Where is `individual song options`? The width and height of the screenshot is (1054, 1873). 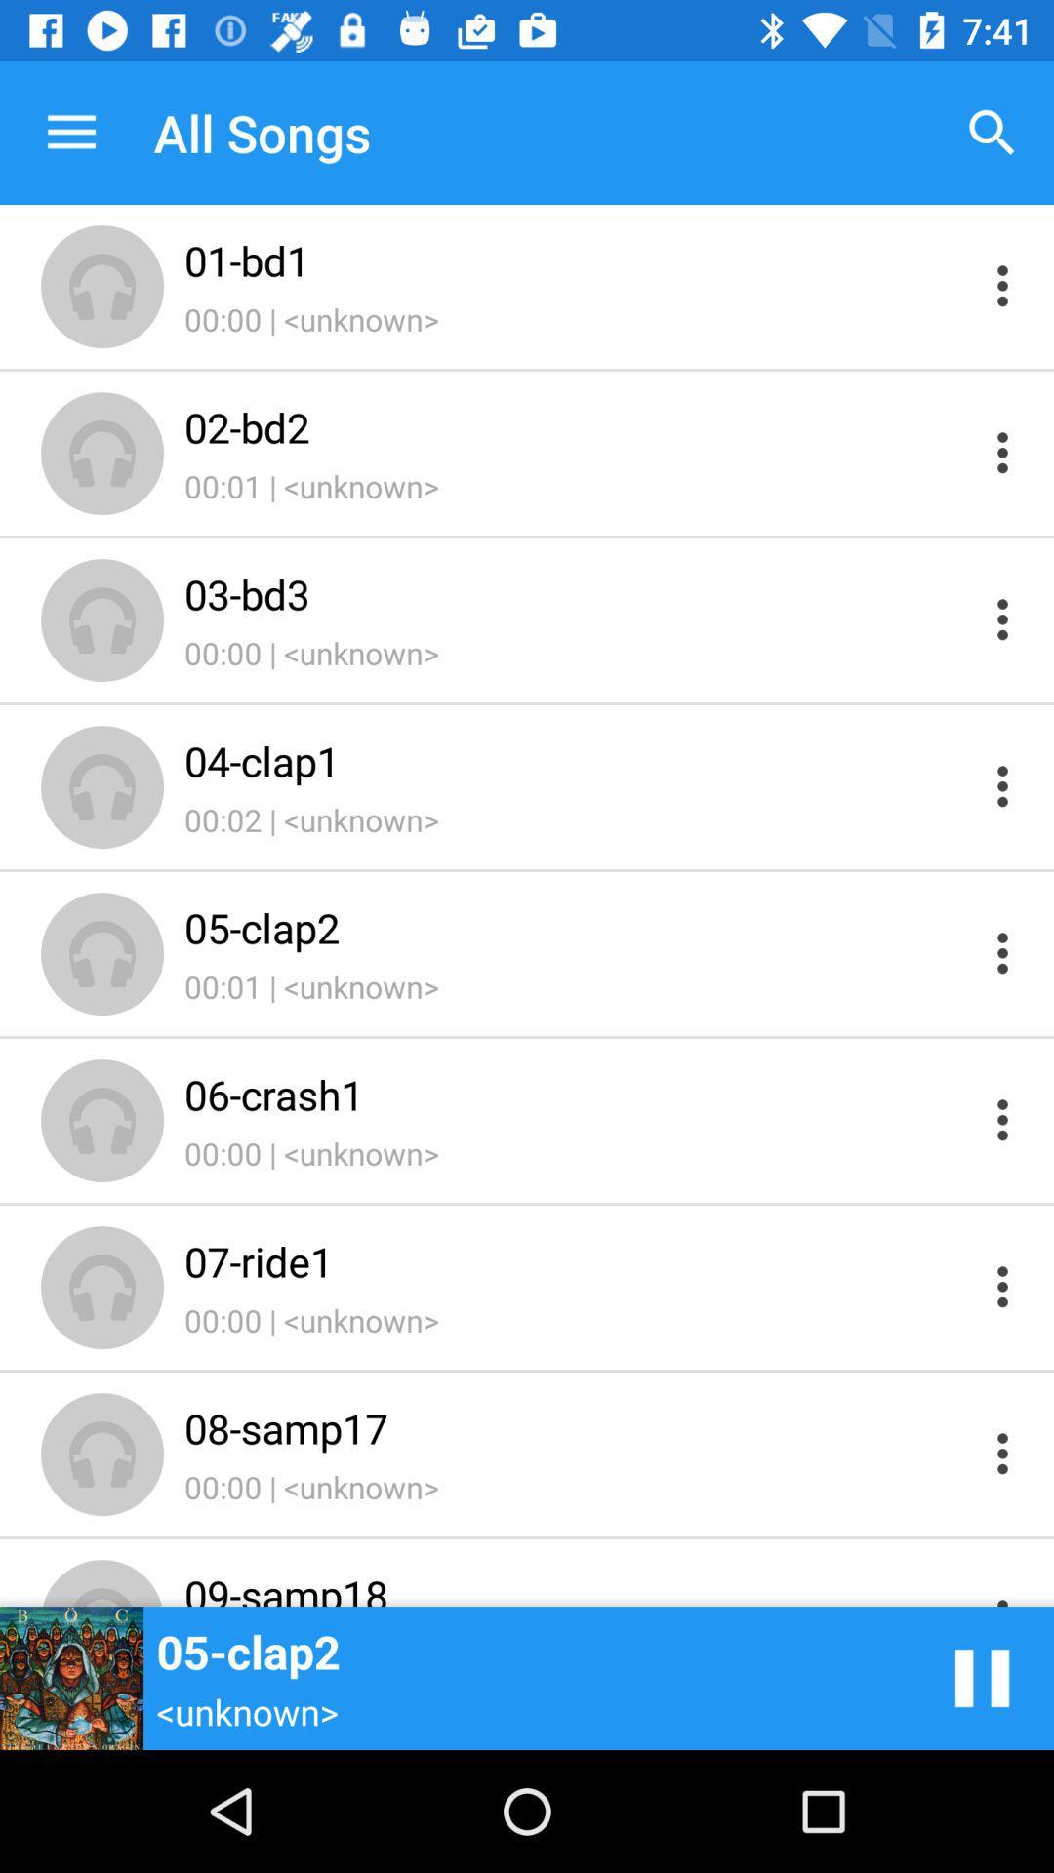
individual song options is located at coordinates (1002, 1587).